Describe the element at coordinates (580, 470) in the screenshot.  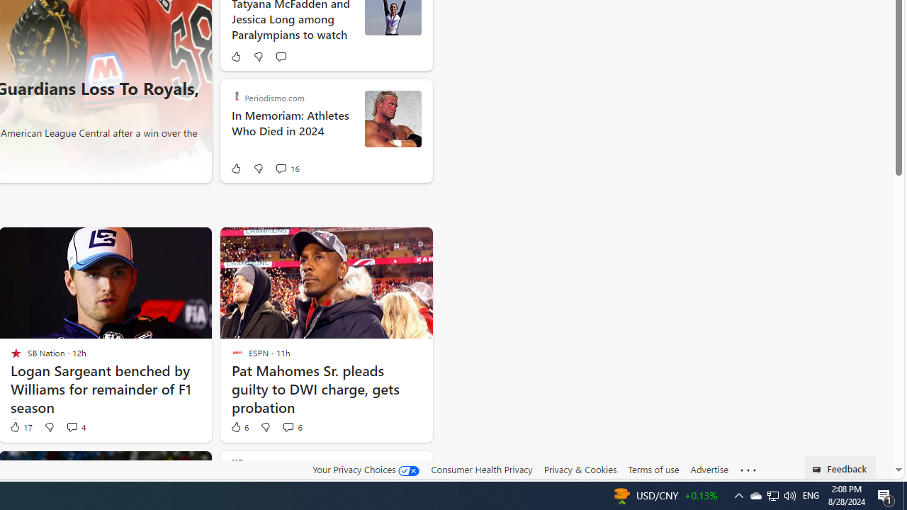
I see `'Privacy & Cookies'` at that location.